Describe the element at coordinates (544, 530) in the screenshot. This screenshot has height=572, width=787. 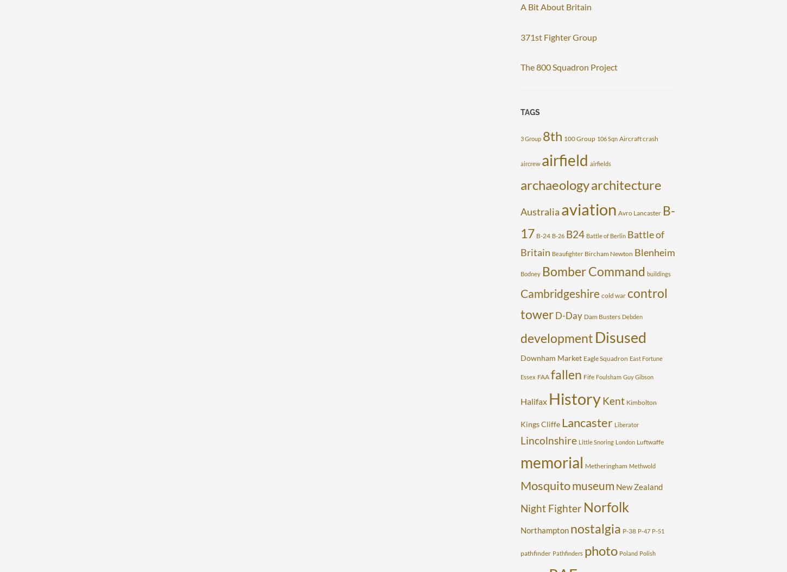
I see `'Northampton'` at that location.